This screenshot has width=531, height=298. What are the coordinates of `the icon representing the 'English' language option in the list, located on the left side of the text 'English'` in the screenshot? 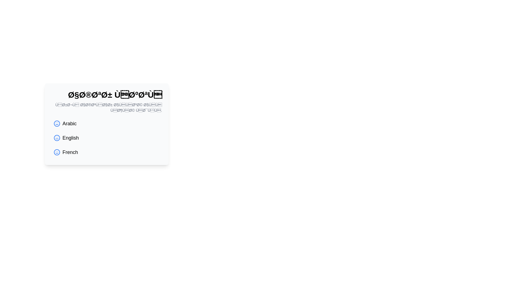 It's located at (57, 138).